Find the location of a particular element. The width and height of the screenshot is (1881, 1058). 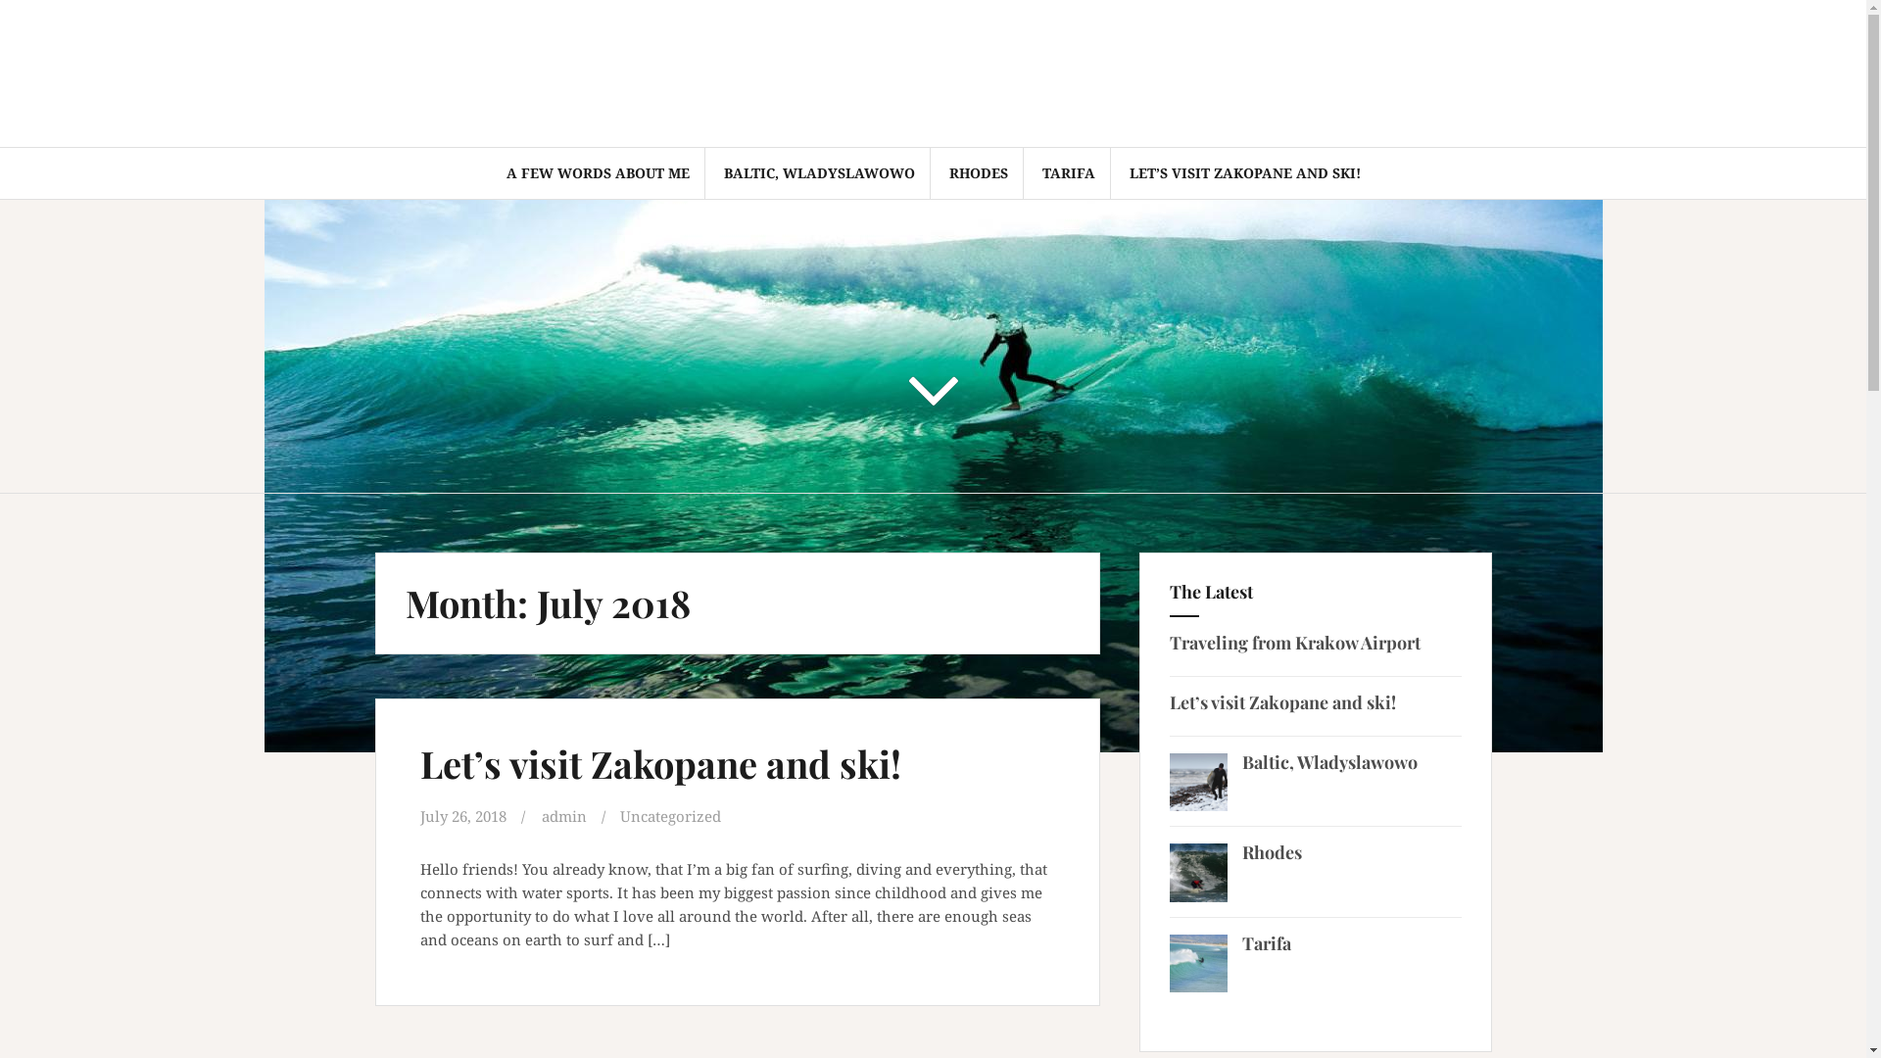

'July 26, 2018' is located at coordinates (460, 816).